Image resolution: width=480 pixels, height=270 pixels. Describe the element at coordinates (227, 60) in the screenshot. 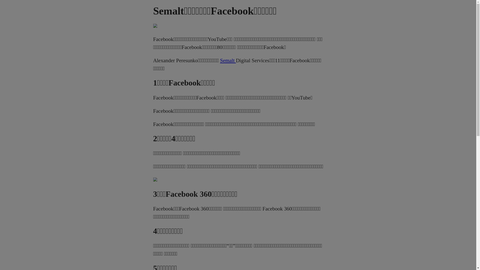

I see `'Semalt'` at that location.